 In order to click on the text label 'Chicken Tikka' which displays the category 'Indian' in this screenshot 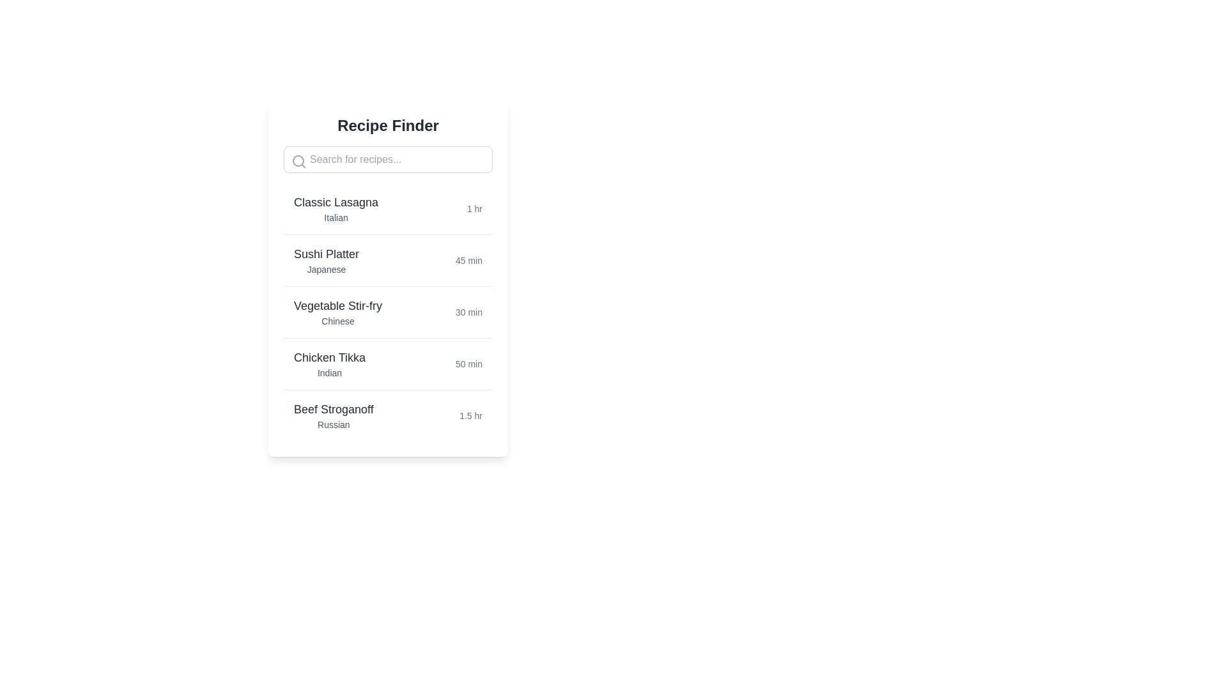, I will do `click(330, 364)`.